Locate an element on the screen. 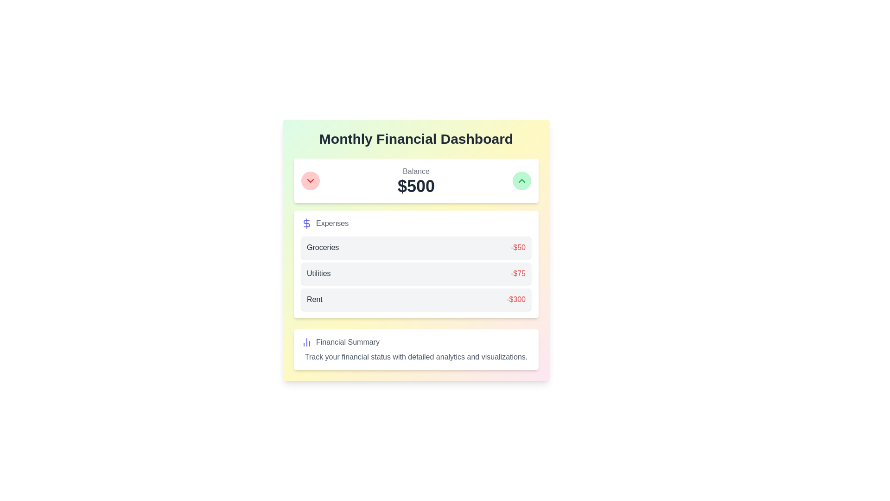 The width and height of the screenshot is (890, 501). the first Informational card in the Expenses list, which has a gray background, rounded corners, and displays 'Groceries' on the left and '-$50' on the right is located at coordinates (415, 247).